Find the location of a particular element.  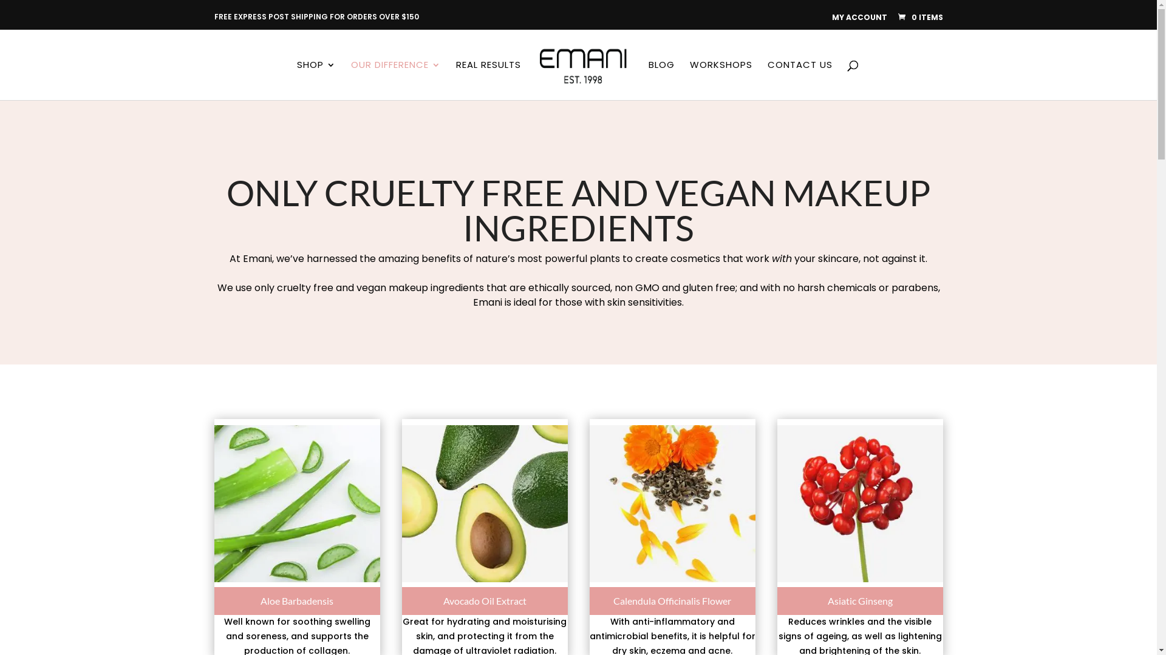

'0 ITEMS' is located at coordinates (919, 17).